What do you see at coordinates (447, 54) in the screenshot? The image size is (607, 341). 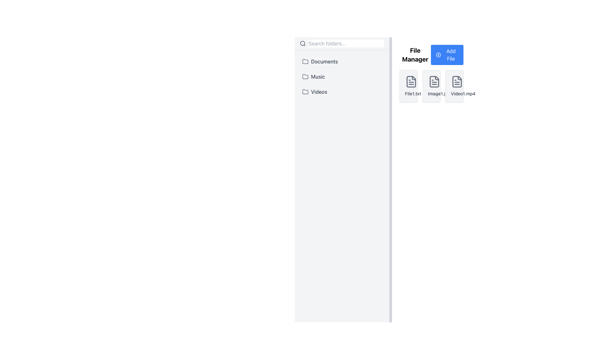 I see `the 'Add File' button located to the right of the 'File Manager' text` at bounding box center [447, 54].